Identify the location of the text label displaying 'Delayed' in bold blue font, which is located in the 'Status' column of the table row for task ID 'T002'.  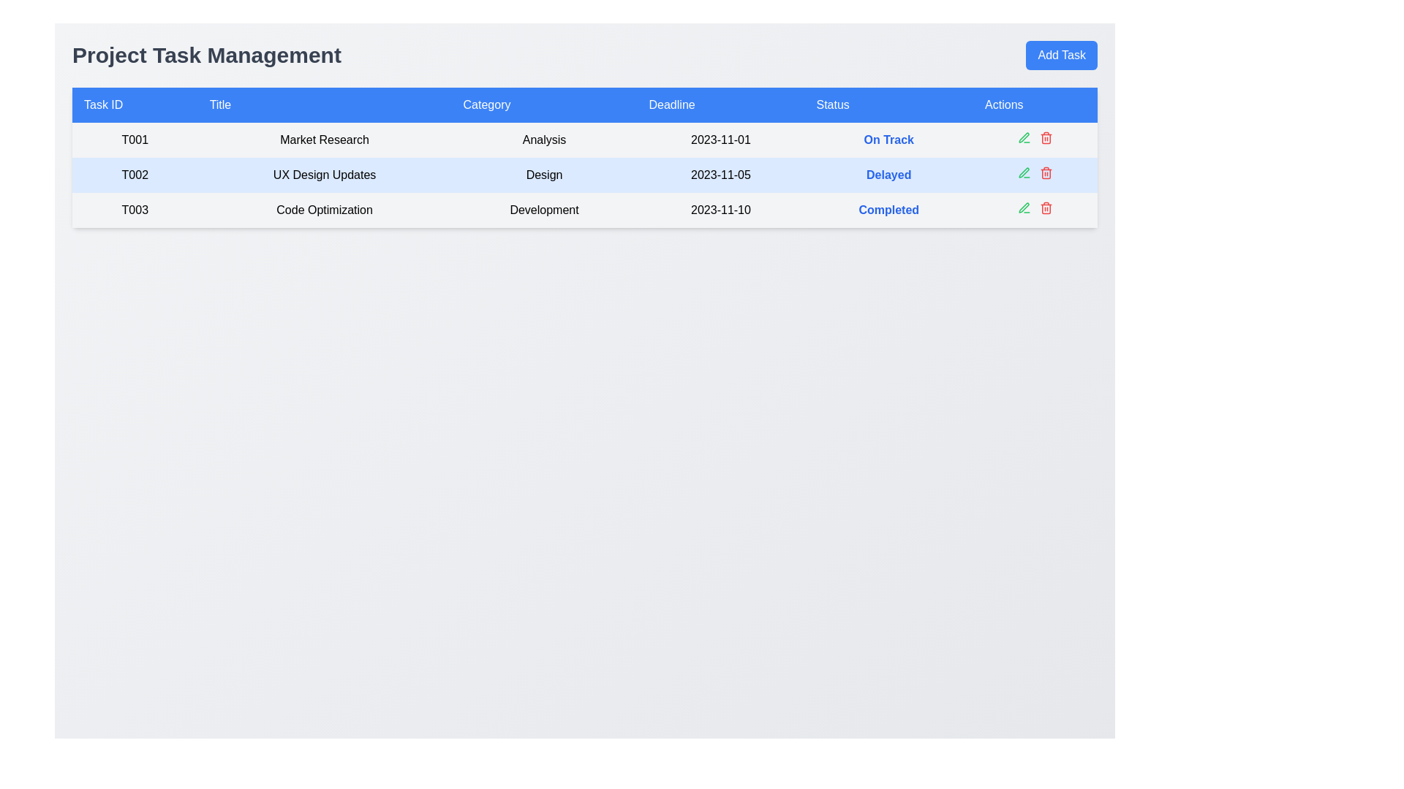
(888, 174).